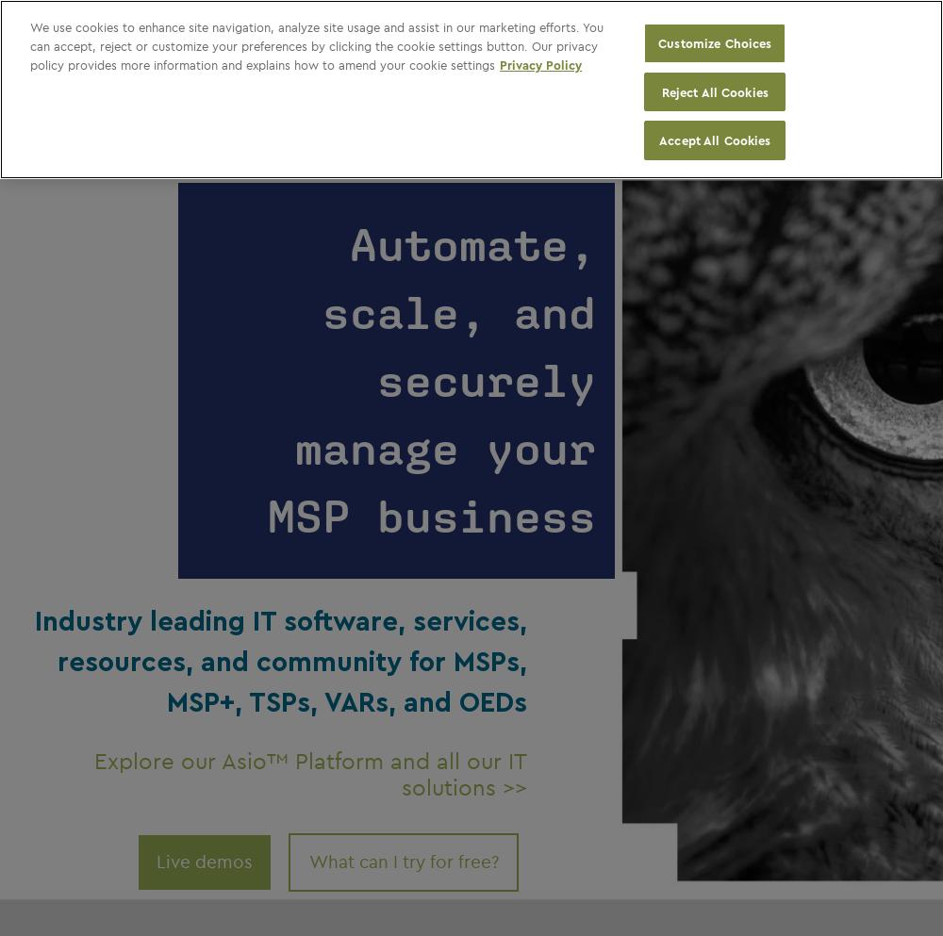  Describe the element at coordinates (778, 94) in the screenshot. I see `'Learn more'` at that location.